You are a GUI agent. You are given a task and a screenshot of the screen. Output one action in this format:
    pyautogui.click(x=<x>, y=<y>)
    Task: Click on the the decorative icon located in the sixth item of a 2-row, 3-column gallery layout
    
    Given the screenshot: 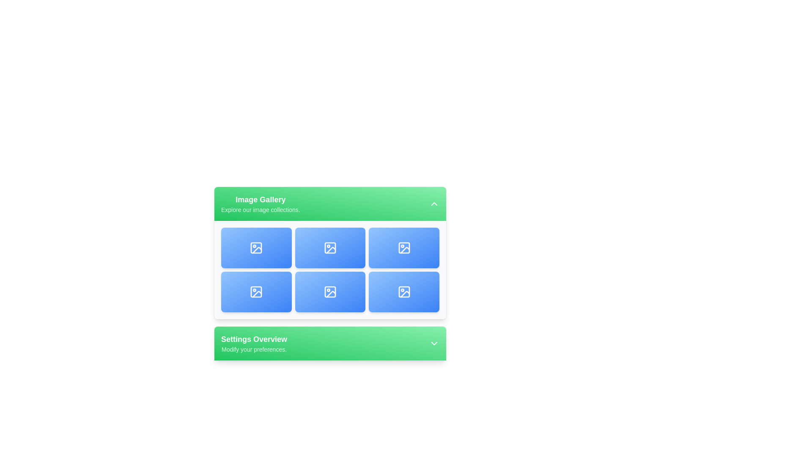 What is the action you would take?
    pyautogui.click(x=330, y=292)
    